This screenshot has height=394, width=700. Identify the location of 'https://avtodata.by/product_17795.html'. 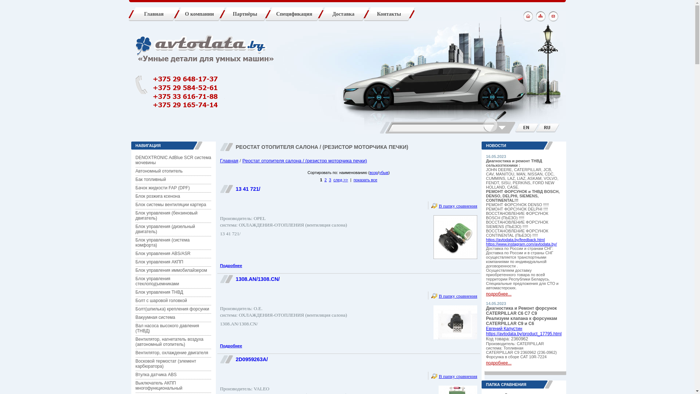
(523, 333).